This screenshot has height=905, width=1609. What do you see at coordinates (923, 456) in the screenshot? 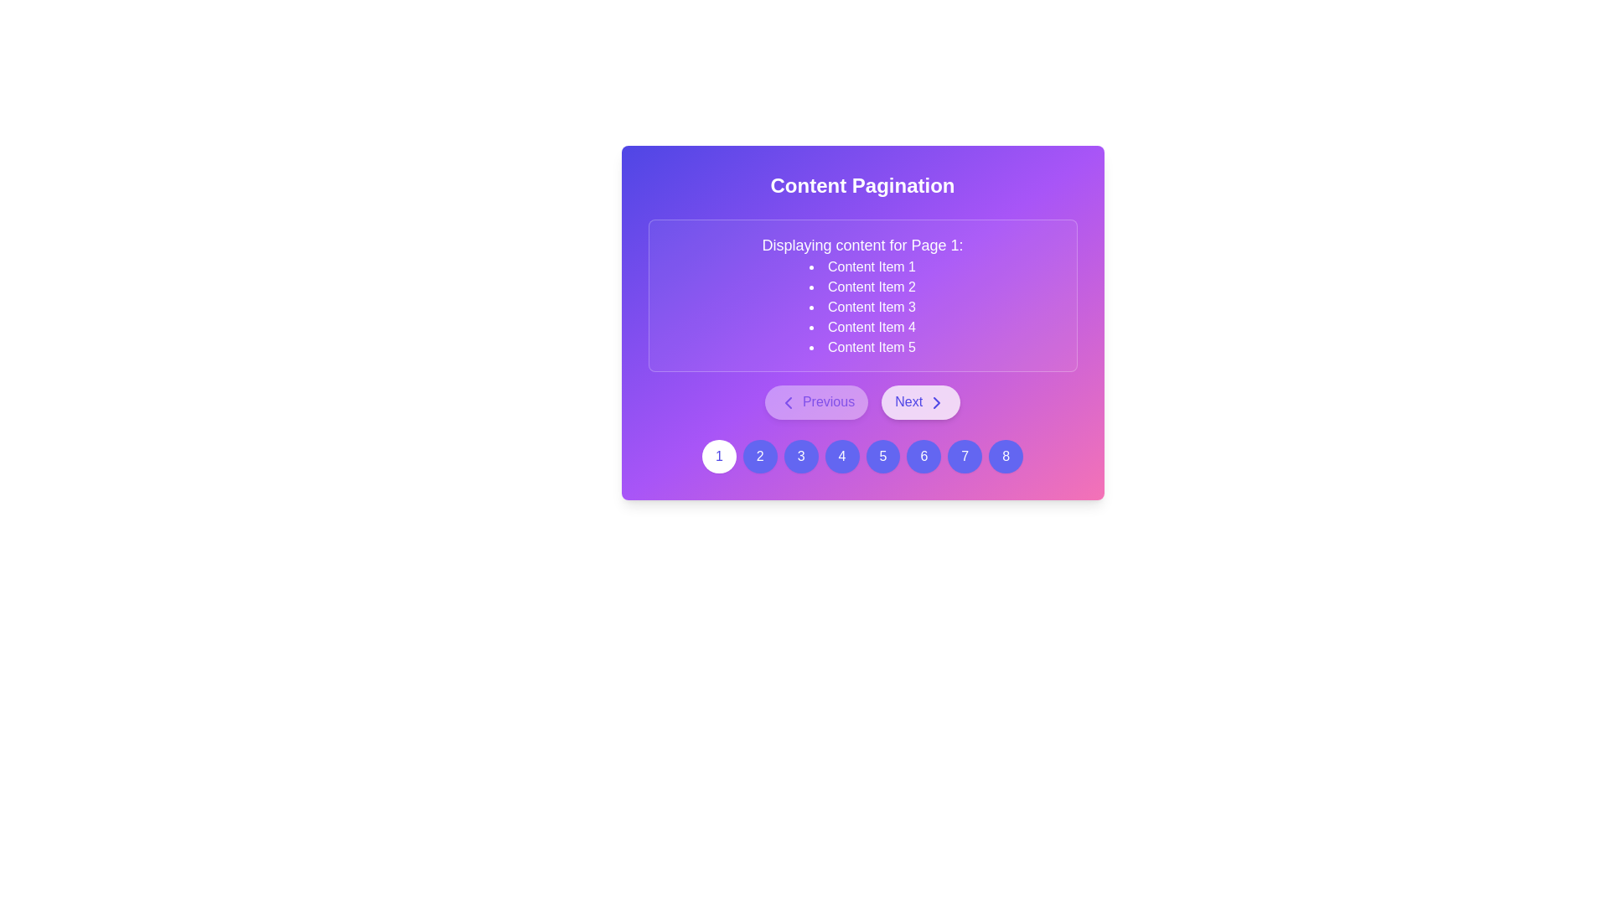
I see `the circular blue button displaying the number '6'` at bounding box center [923, 456].